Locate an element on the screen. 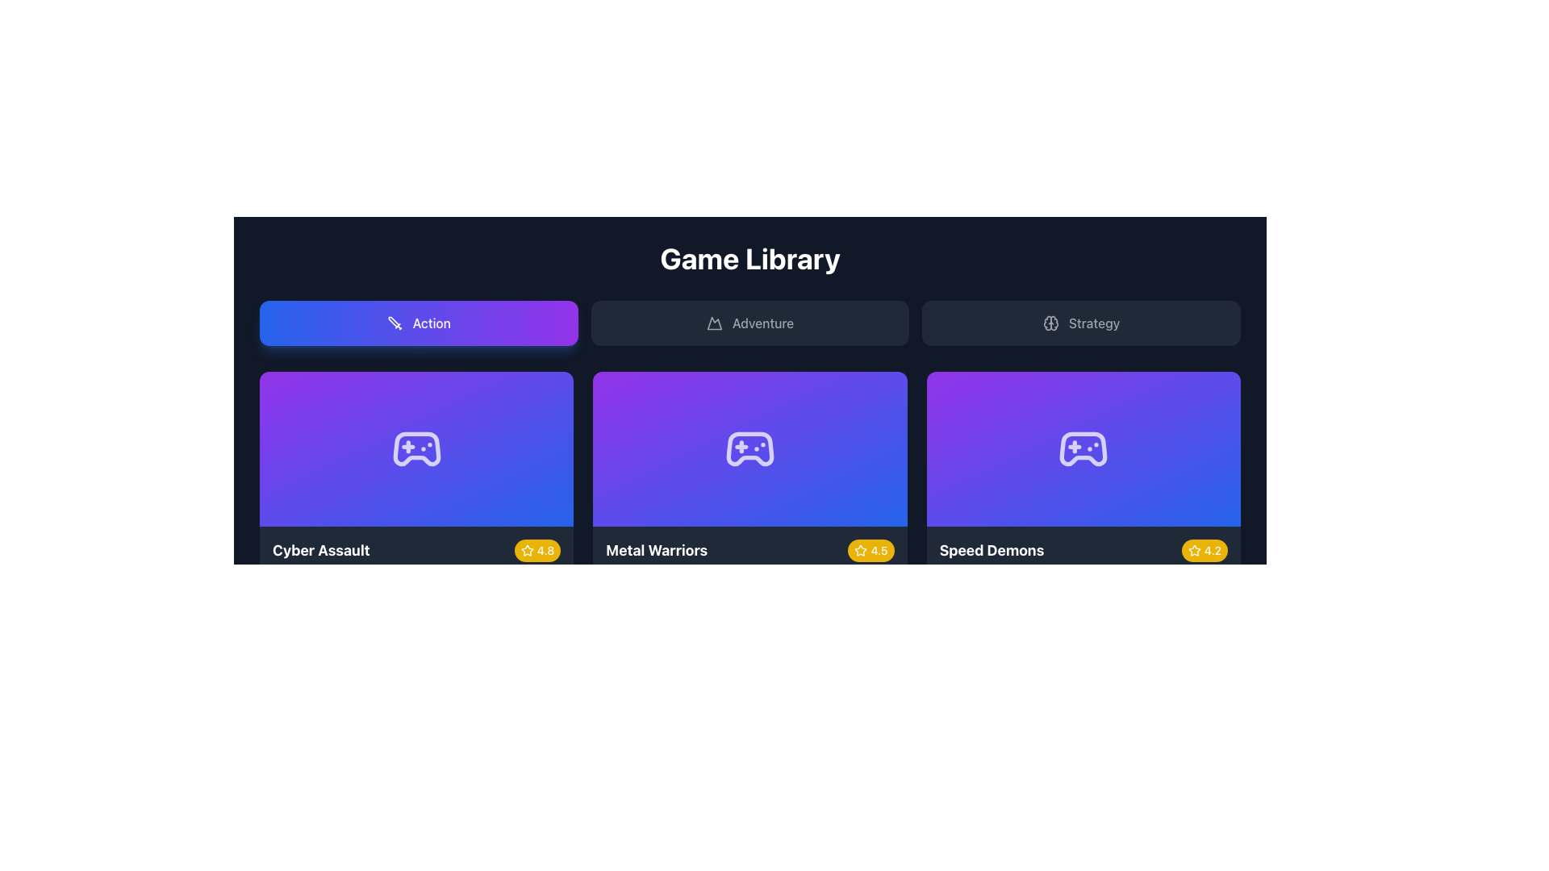 The height and width of the screenshot is (871, 1549). the gaming controller graphic icon located at the center of the first game card in the 'Game Library' interface under the 'Action' category is located at coordinates (416, 448).